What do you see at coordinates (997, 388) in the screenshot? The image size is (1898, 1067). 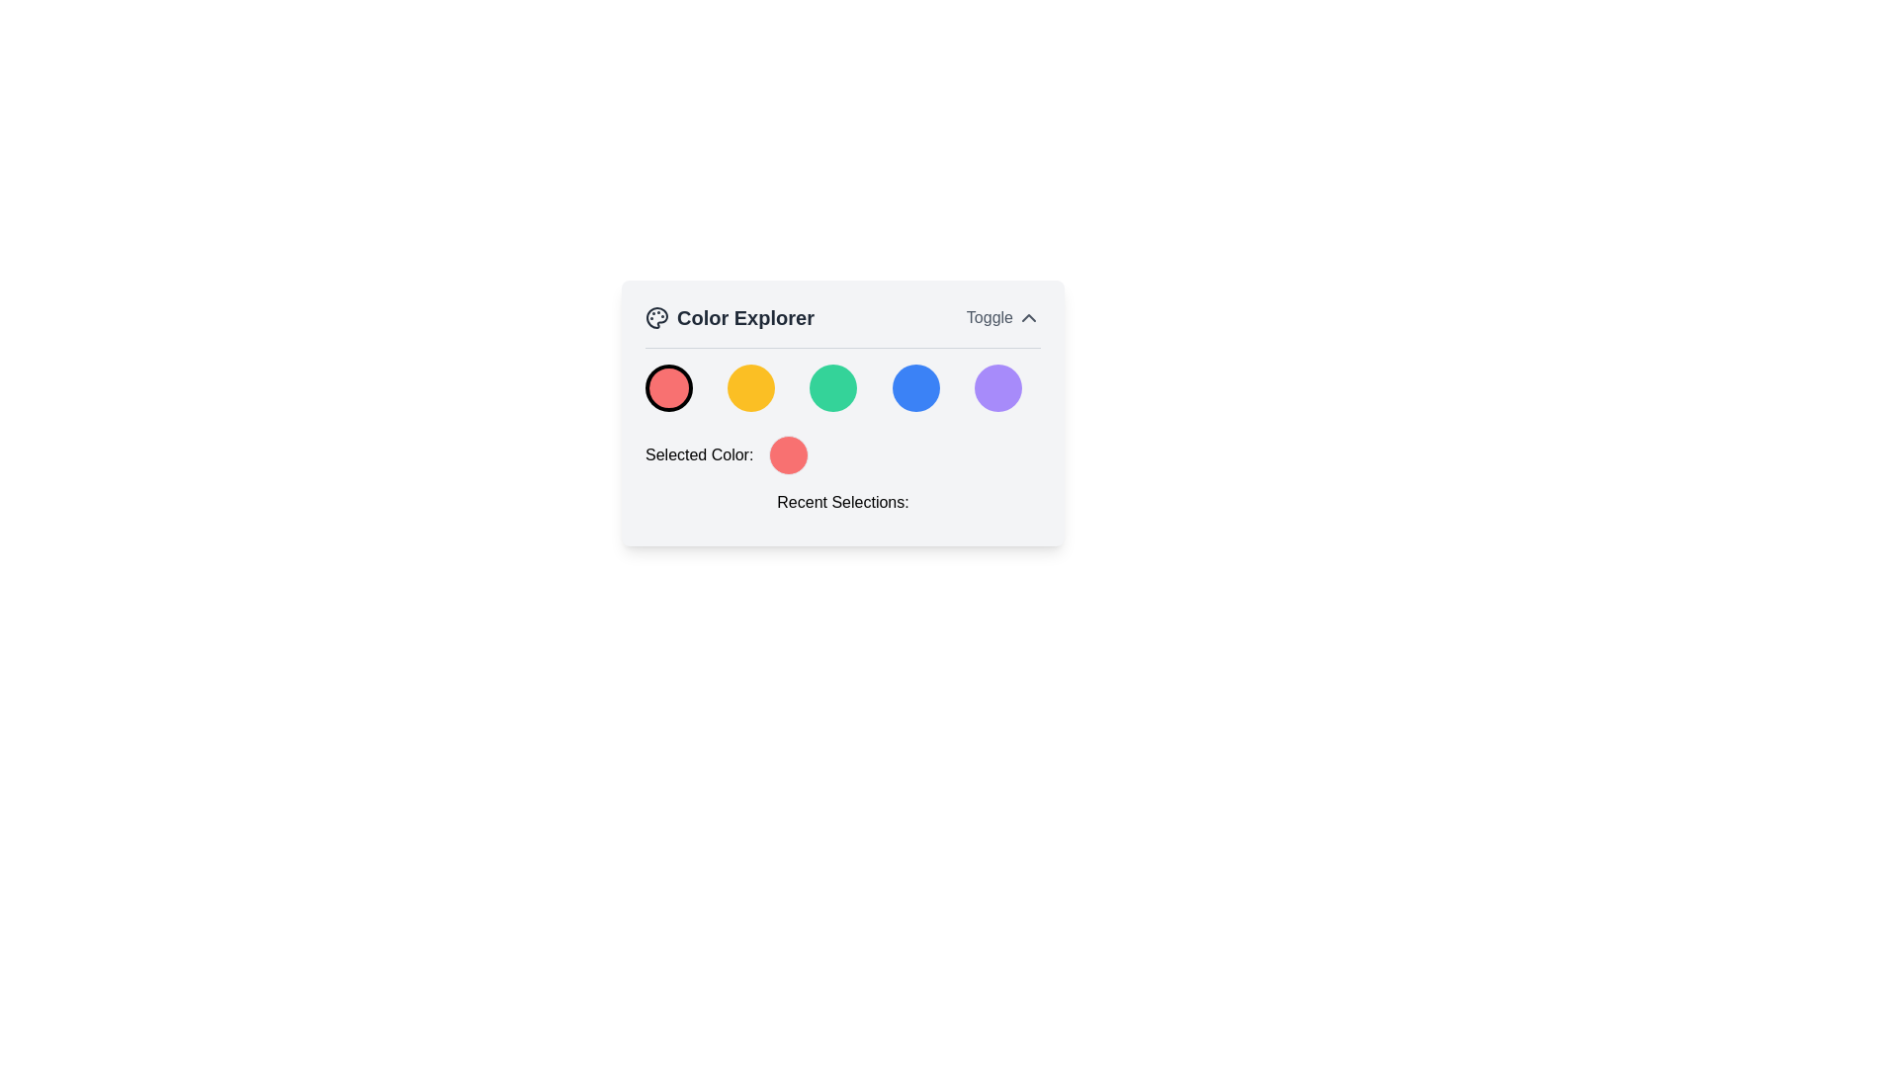 I see `the fifth circular button with a light purple background in the 'Color Explorer' panel` at bounding box center [997, 388].